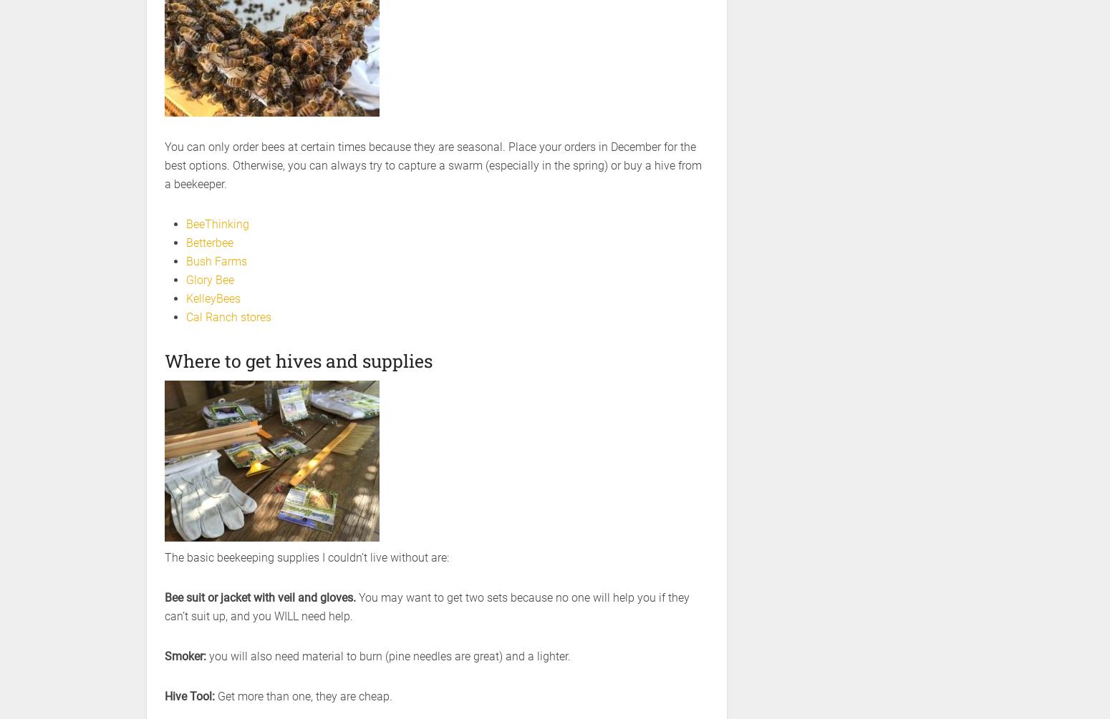 This screenshot has width=1110, height=719. What do you see at coordinates (209, 243) in the screenshot?
I see `'Betterbee'` at bounding box center [209, 243].